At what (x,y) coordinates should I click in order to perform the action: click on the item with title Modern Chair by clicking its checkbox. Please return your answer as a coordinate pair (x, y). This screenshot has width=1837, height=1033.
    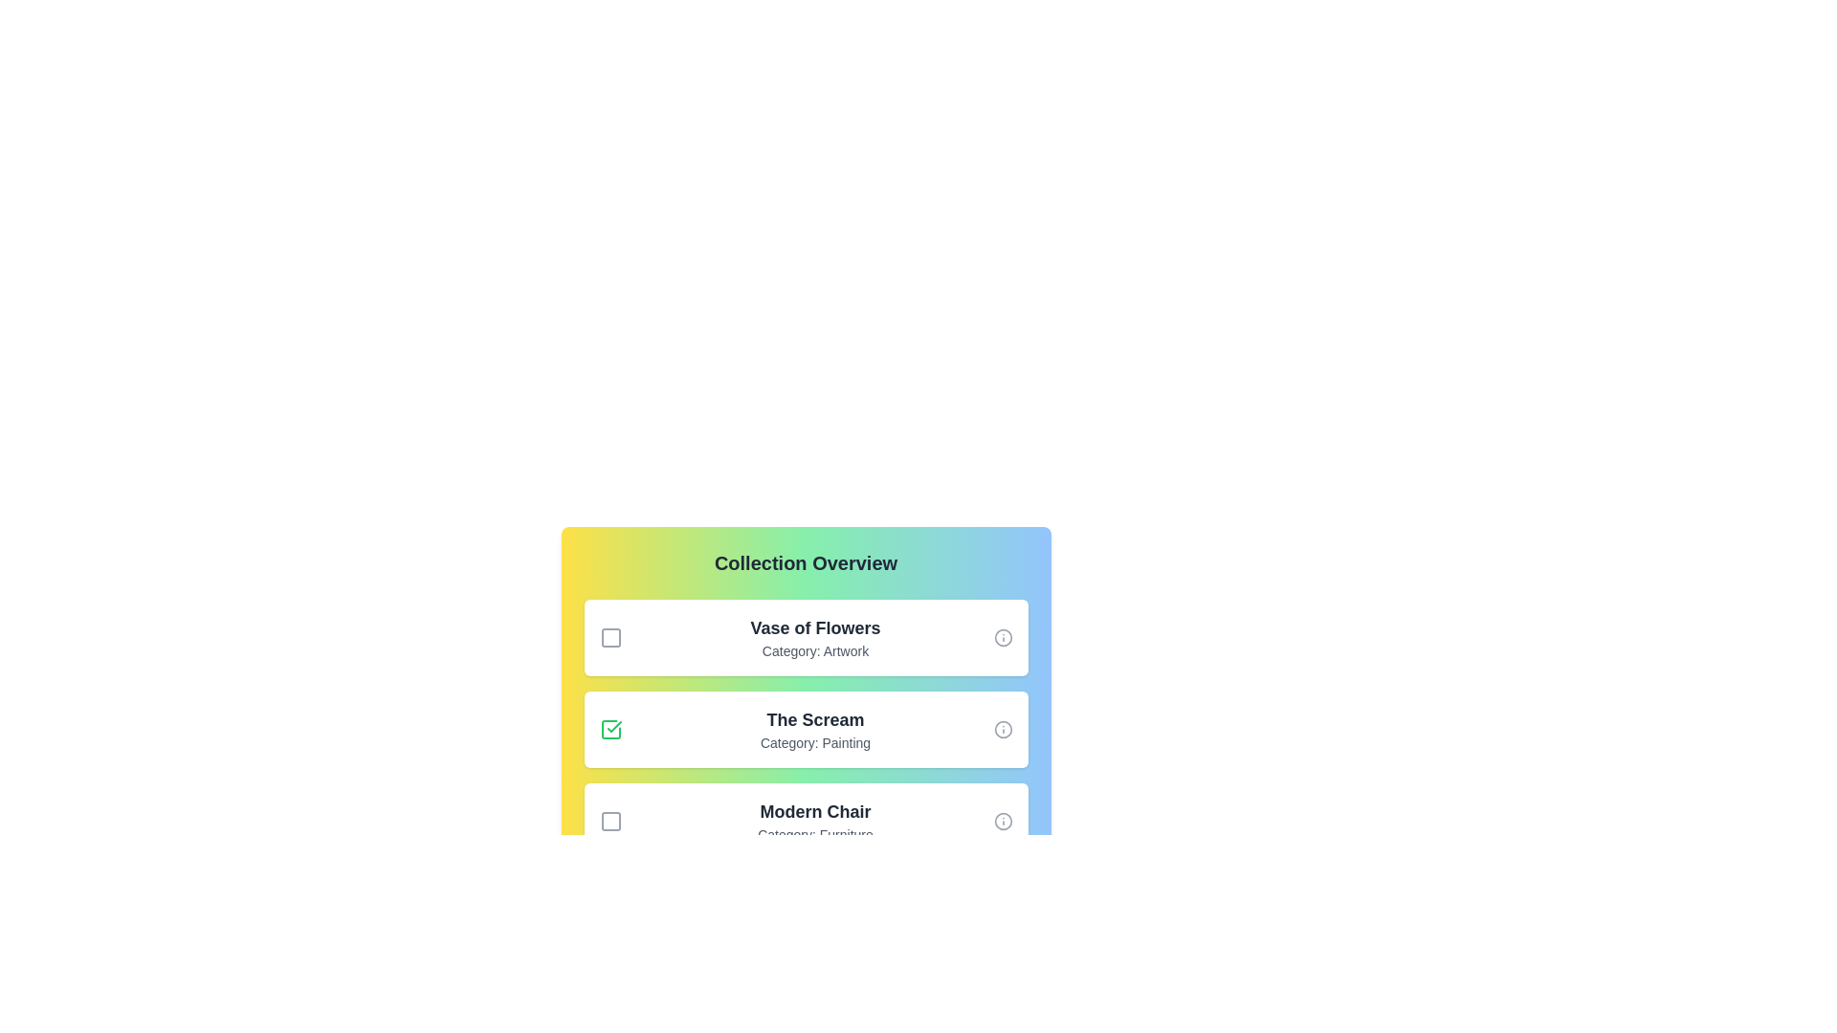
    Looking at the image, I should click on (609, 821).